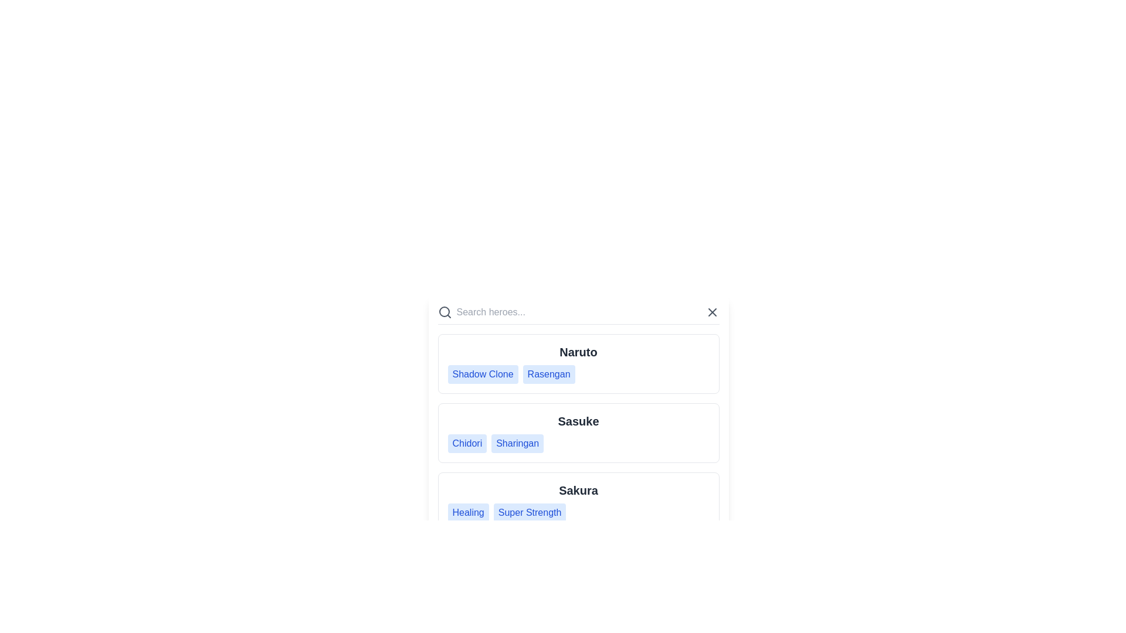 The width and height of the screenshot is (1126, 633). I want to click on the search icon located on the left side of the search bar, so click(444, 311).